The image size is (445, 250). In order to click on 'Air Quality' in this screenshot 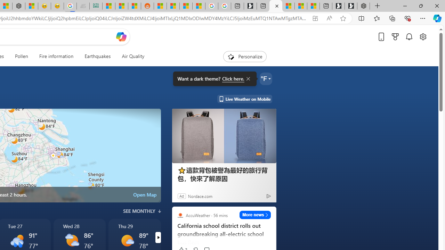, I will do `click(130, 56)`.